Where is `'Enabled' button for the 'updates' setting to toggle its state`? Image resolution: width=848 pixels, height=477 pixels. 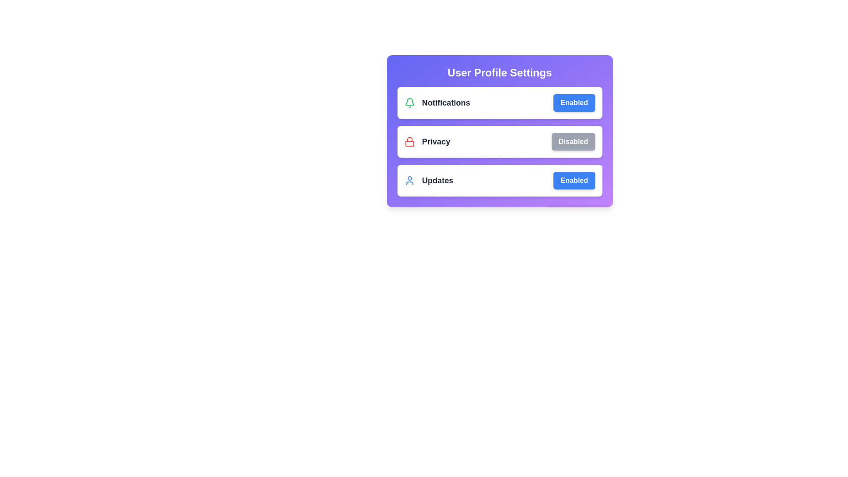 'Enabled' button for the 'updates' setting to toggle its state is located at coordinates (574, 180).